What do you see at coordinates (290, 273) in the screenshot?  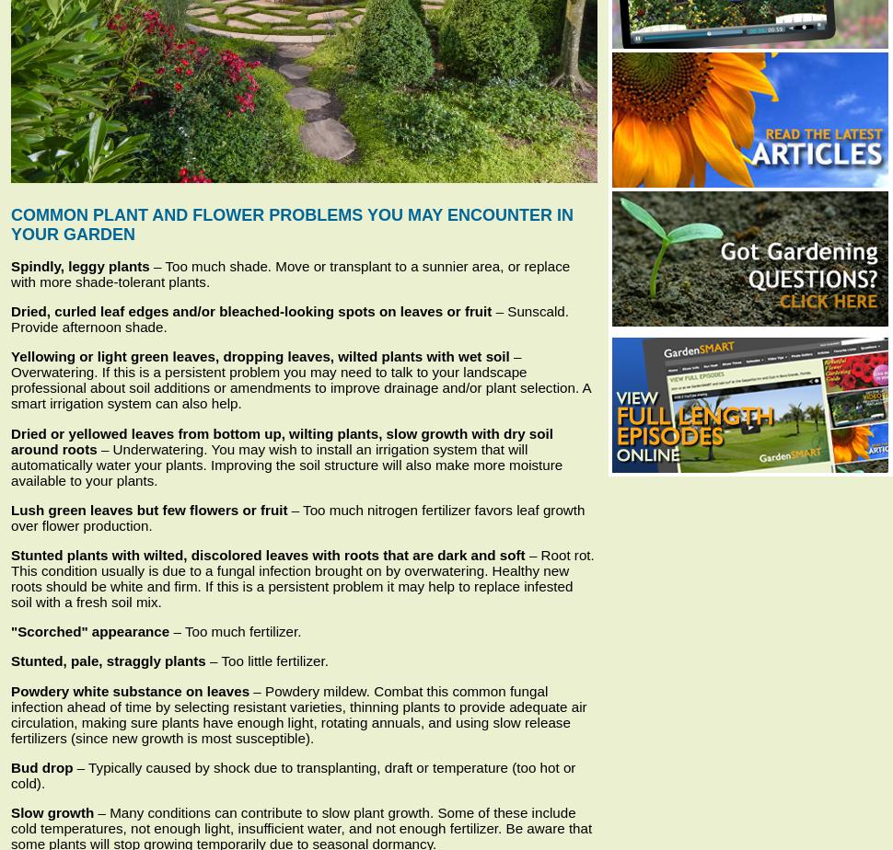 I see `'– Too much shade. Move or transplant to a sunnier area, or replace with more shade-tolerant plants.'` at bounding box center [290, 273].